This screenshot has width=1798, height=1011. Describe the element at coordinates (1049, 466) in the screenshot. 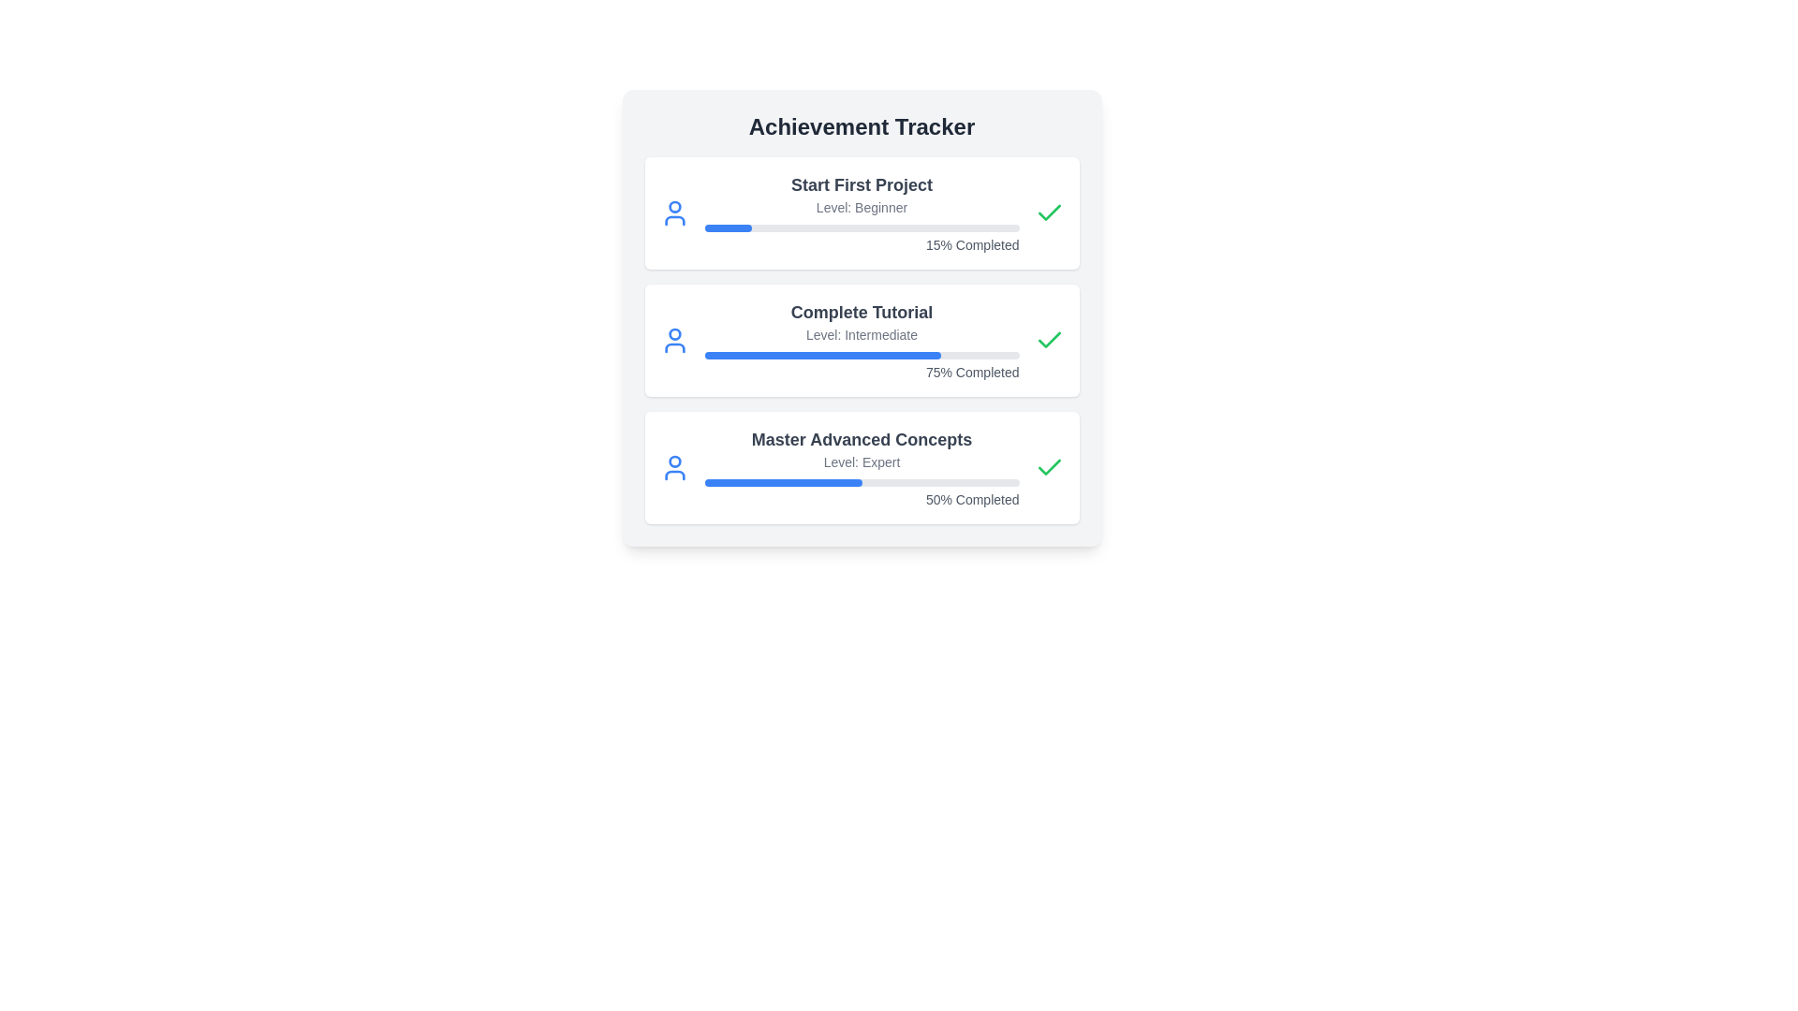

I see `the green check mark icon representing a completed milestone in the achievement tracker interface, located in the second panel next to the 'Complete Tutorial' section` at that location.